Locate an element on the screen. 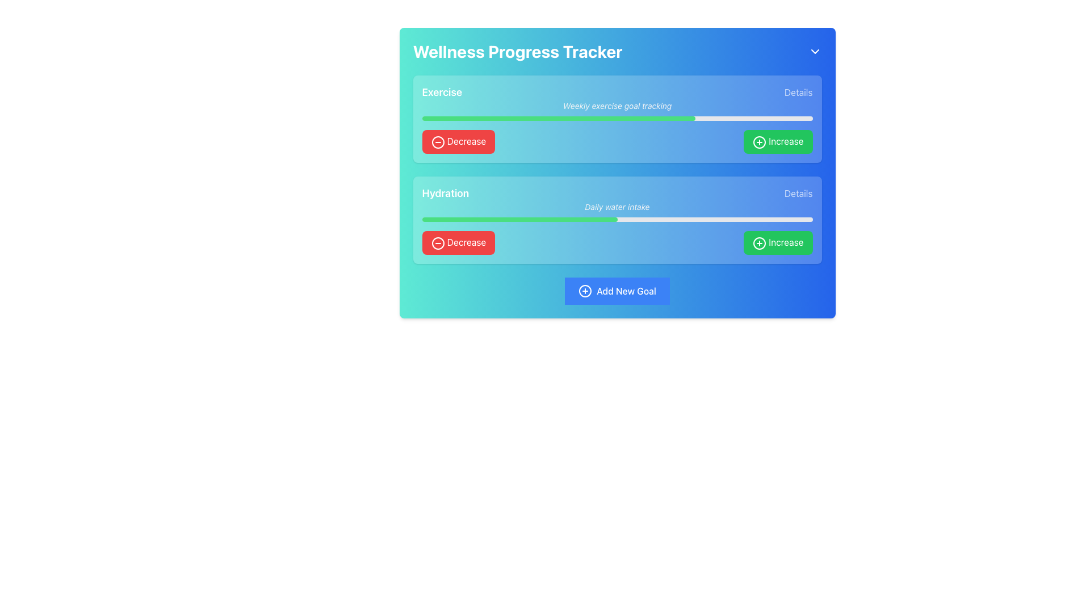 Image resolution: width=1090 pixels, height=613 pixels. the 'Increase' button in the Exercise tracking UI Button Group is located at coordinates (617, 141).